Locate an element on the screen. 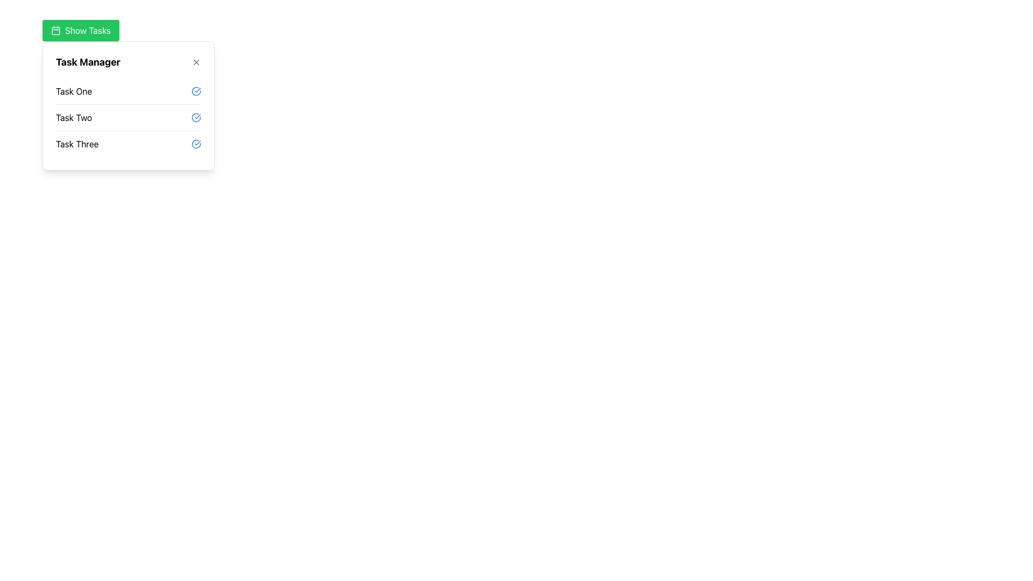  the circular icon with a blue check mark inside, which is located adjacent to the text 'Task Three' in the task list is located at coordinates (196, 143).